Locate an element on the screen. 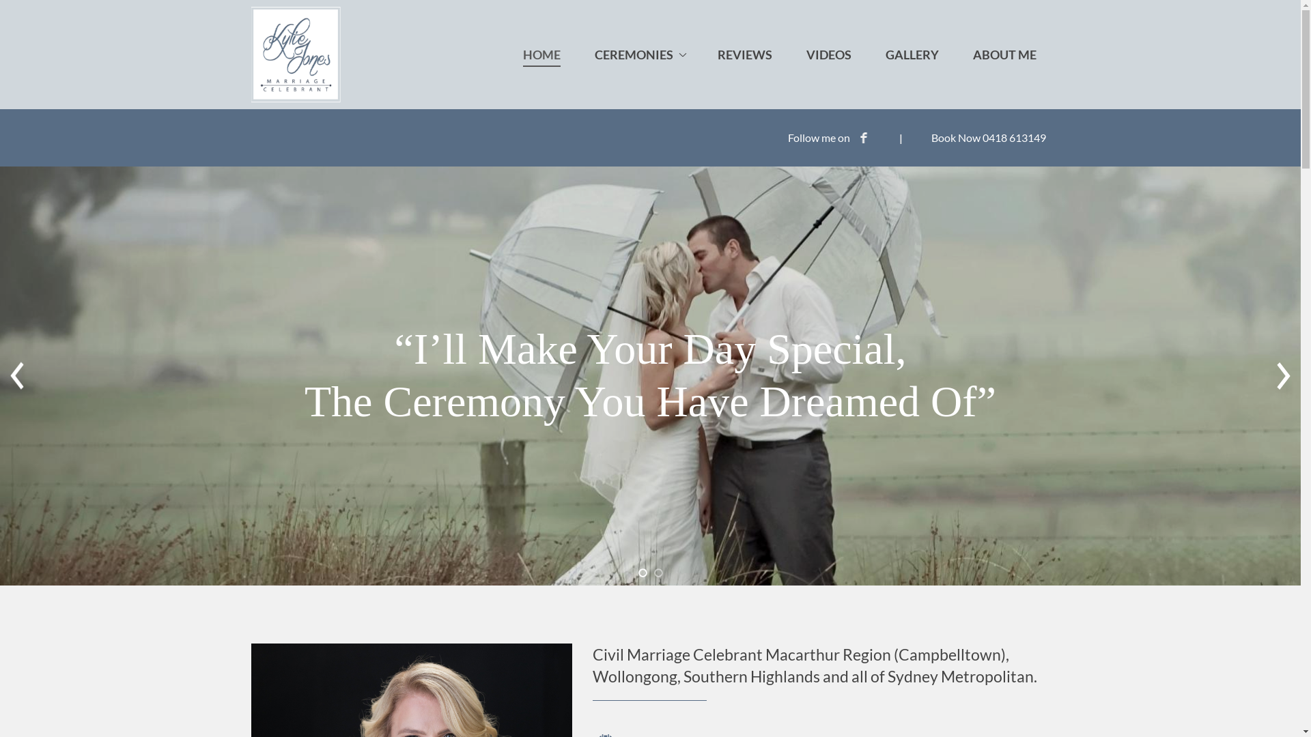  'Book Now 0418 613149' is located at coordinates (989, 137).